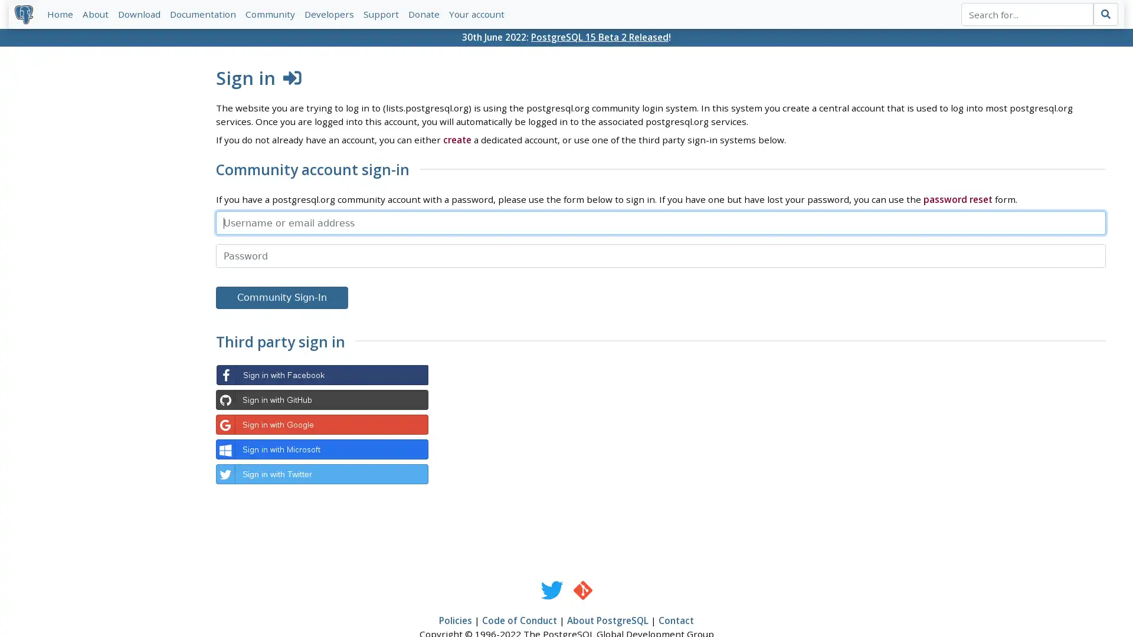 The height and width of the screenshot is (637, 1133). I want to click on Community Sign-In, so click(280, 300).